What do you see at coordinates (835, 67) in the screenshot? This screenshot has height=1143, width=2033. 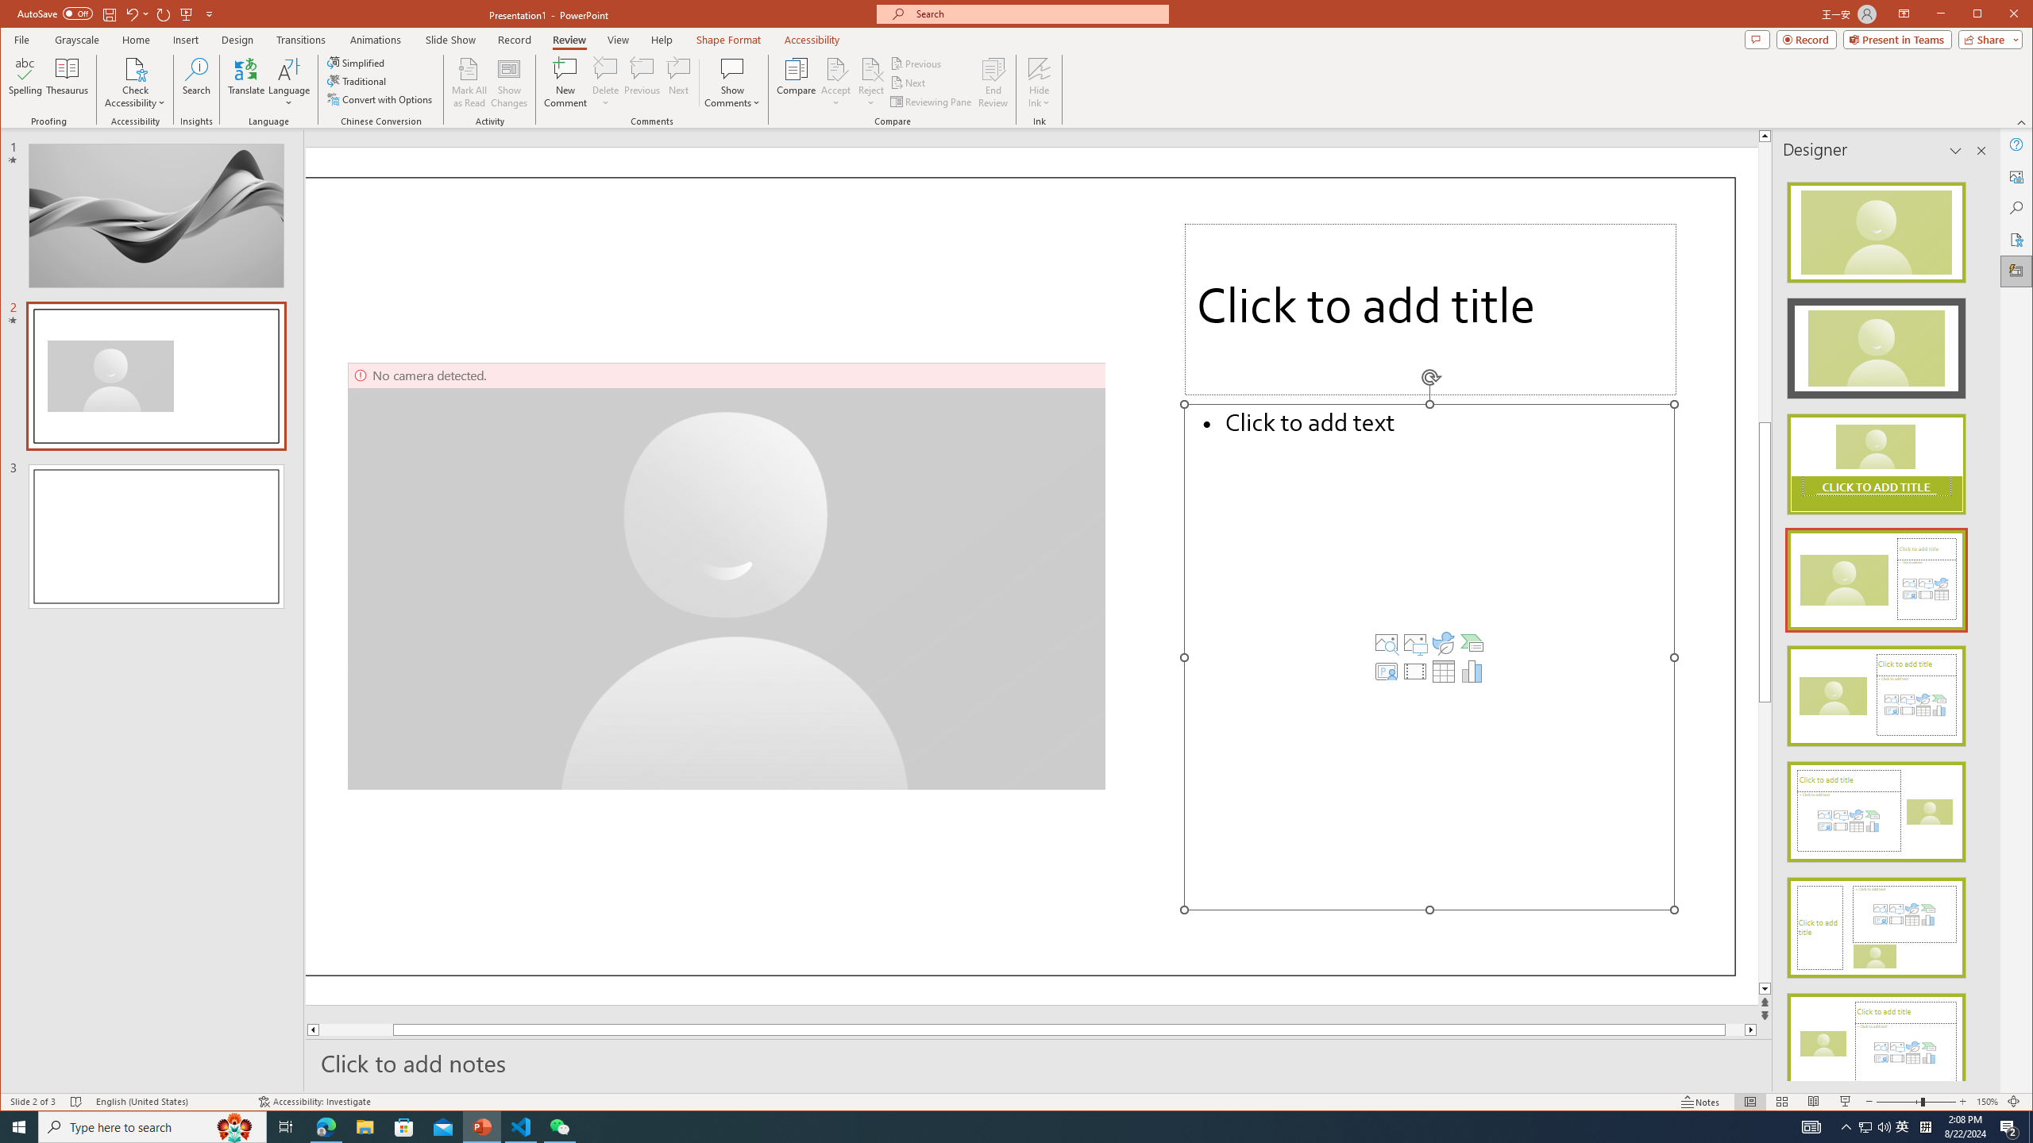 I see `'Accept Change'` at bounding box center [835, 67].